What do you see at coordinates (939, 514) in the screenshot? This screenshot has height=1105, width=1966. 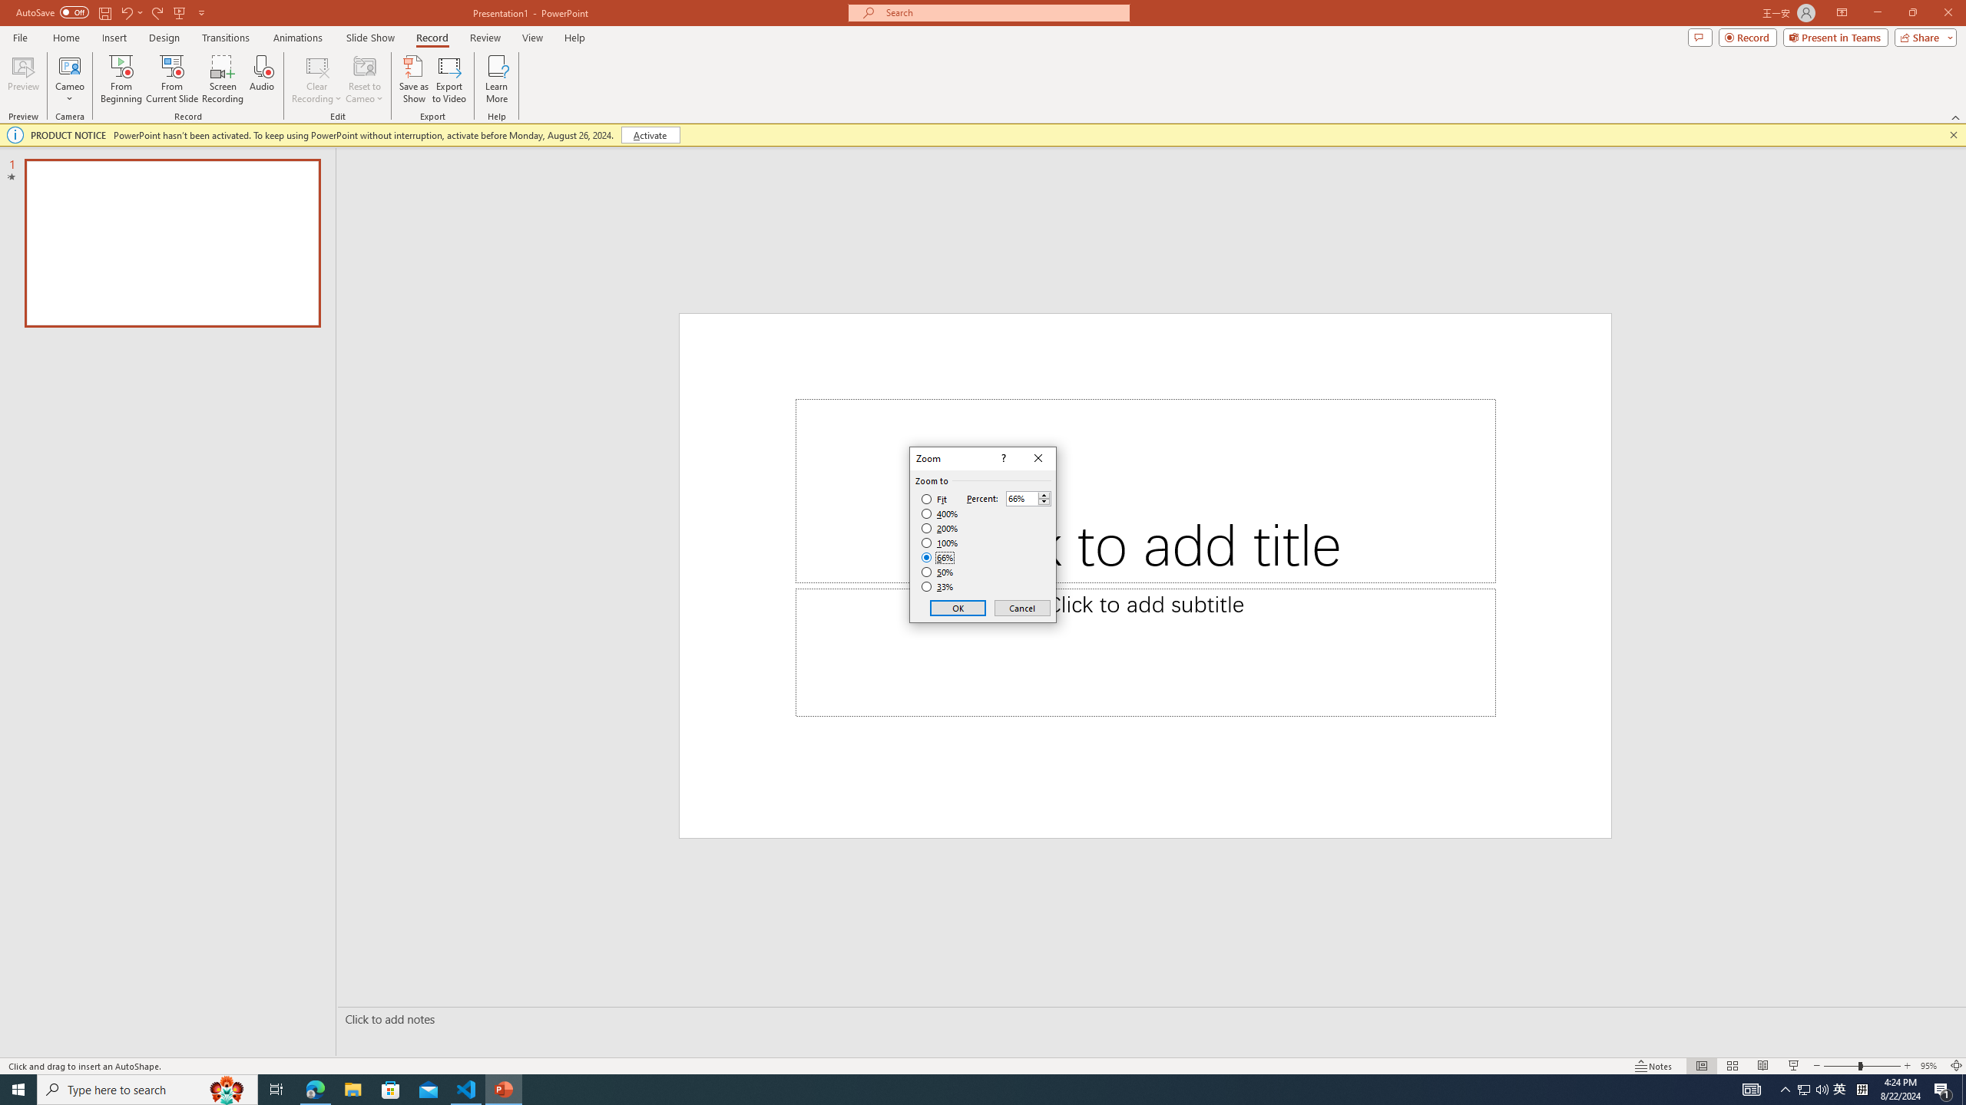 I see `'400%'` at bounding box center [939, 514].